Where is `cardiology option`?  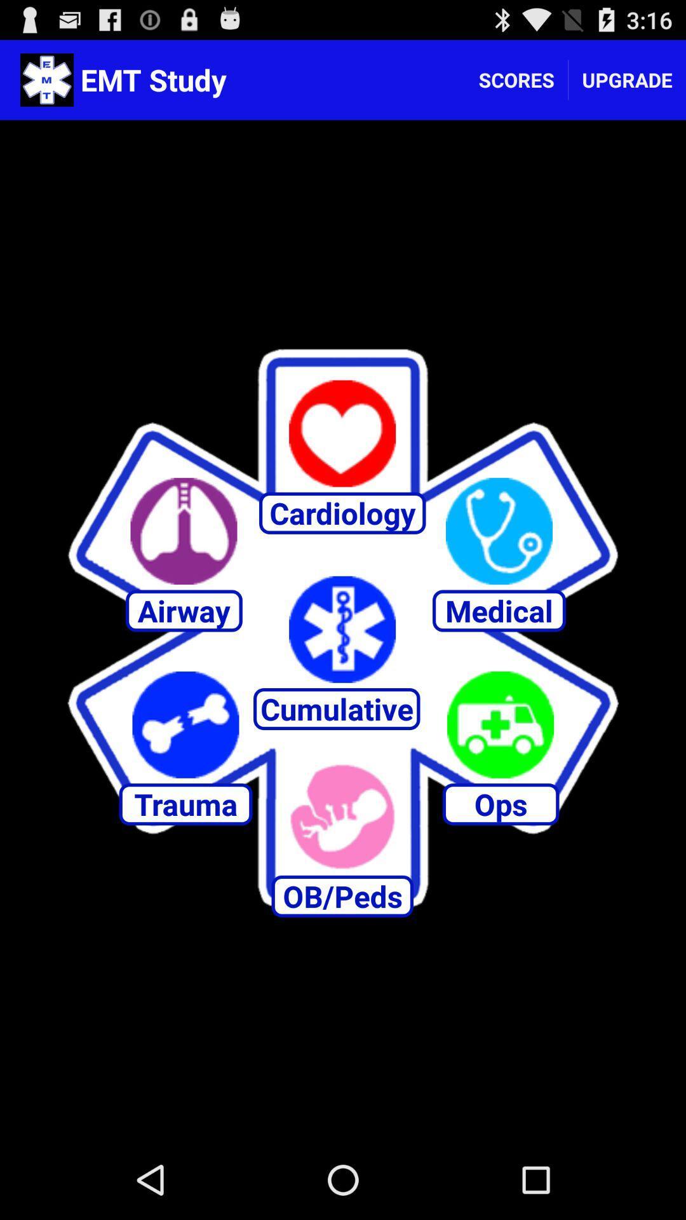 cardiology option is located at coordinates (342, 433).